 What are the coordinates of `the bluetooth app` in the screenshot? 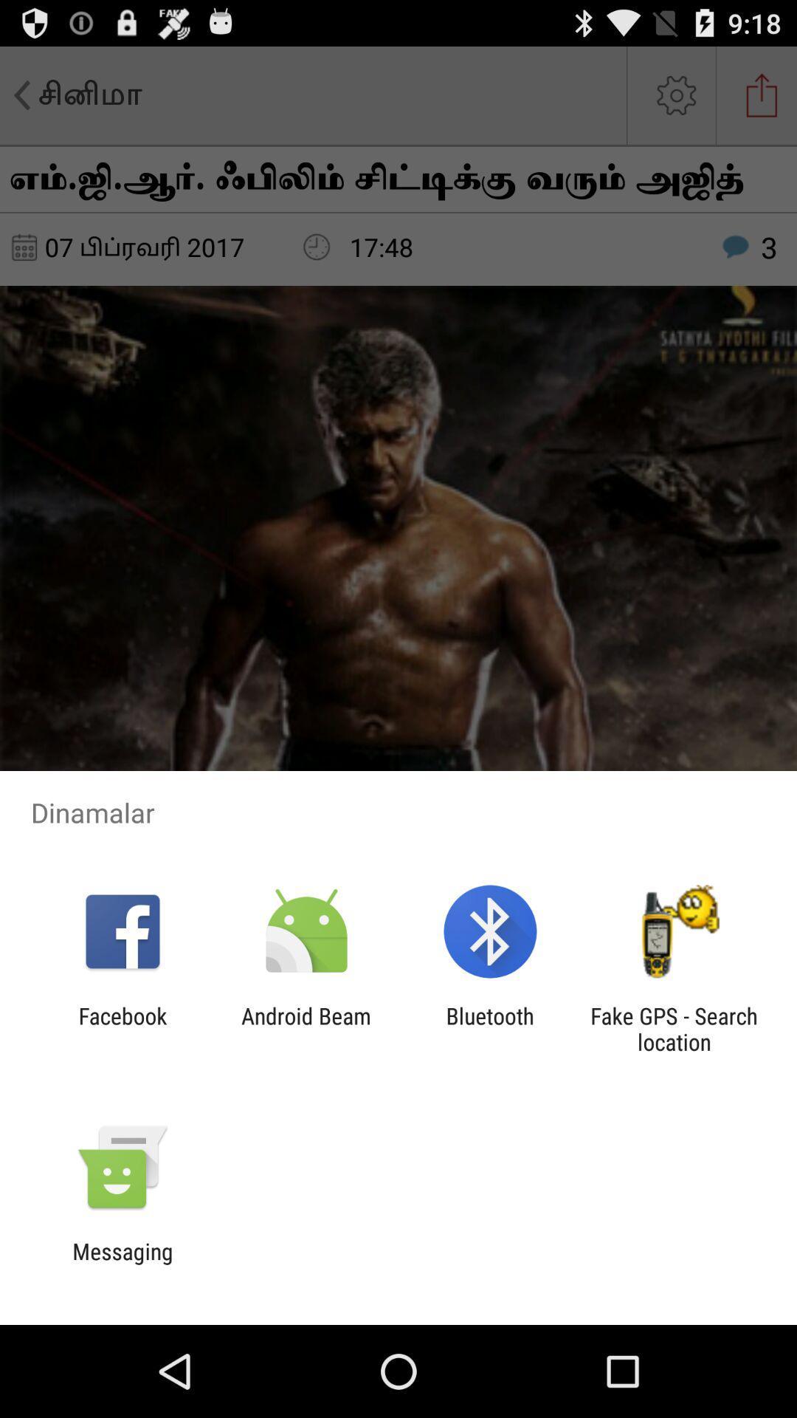 It's located at (490, 1028).